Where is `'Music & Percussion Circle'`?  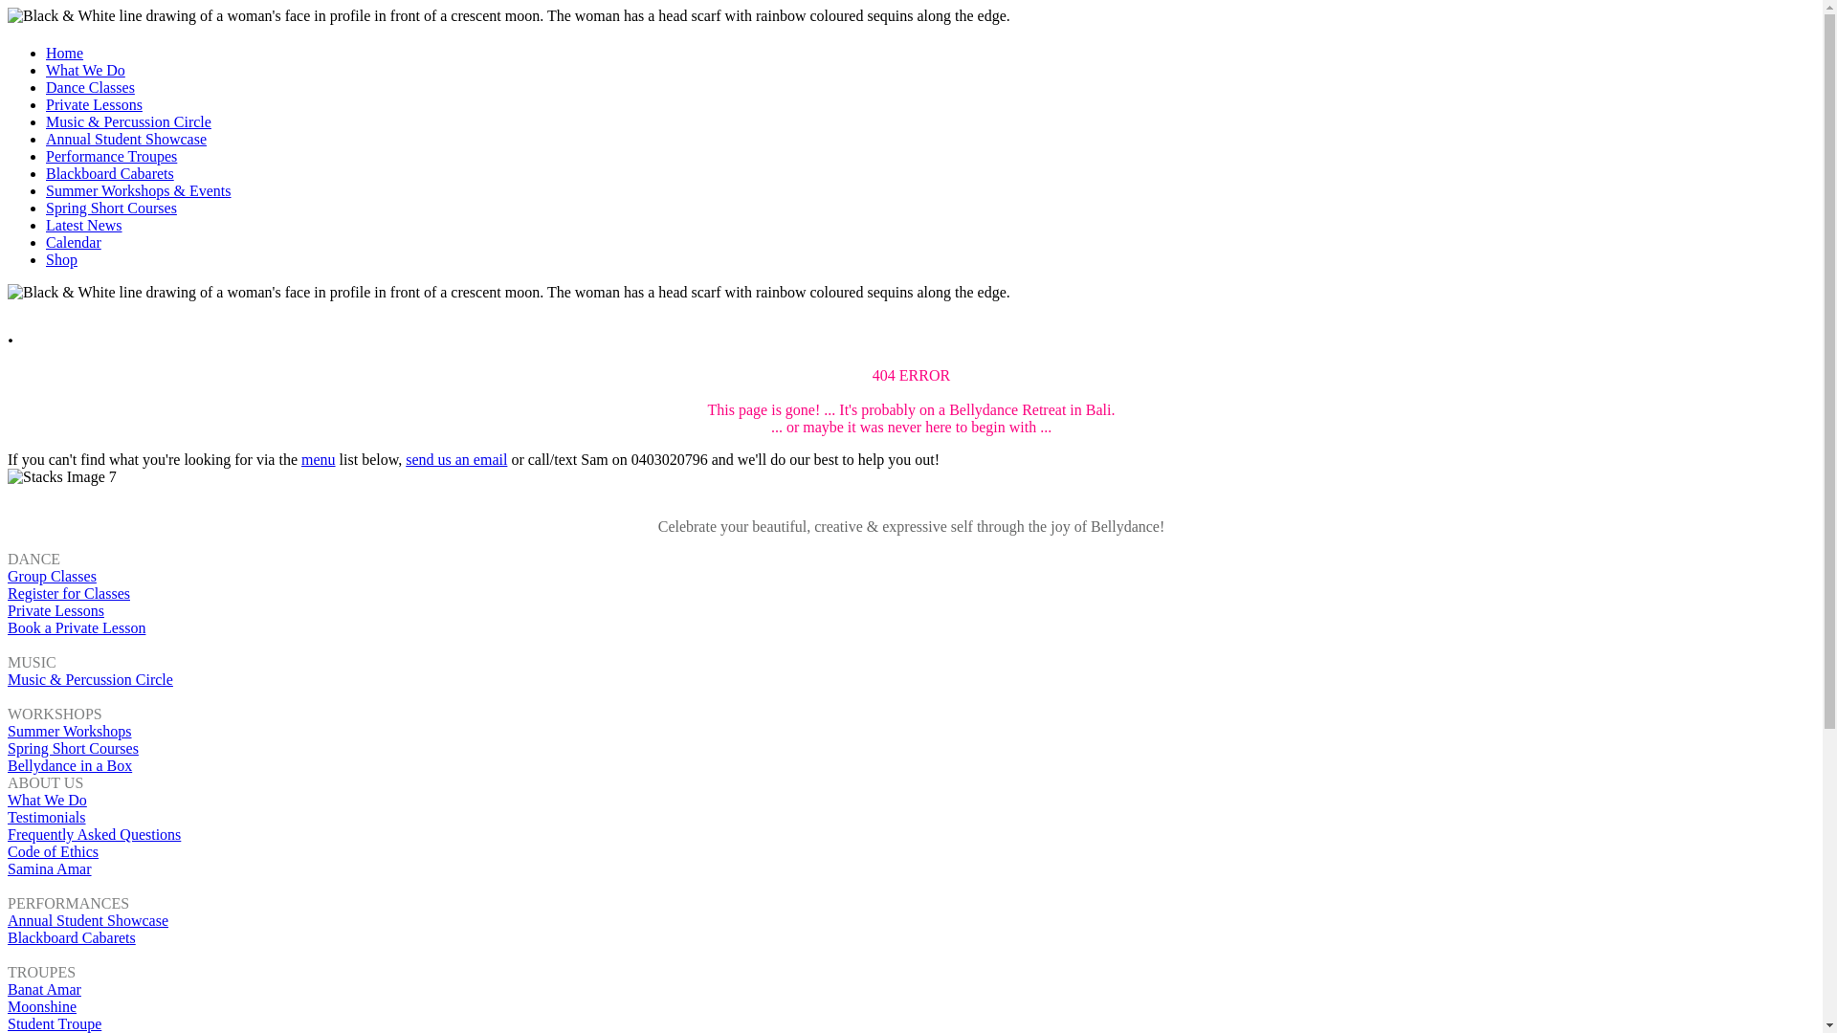 'Music & Percussion Circle' is located at coordinates (89, 678).